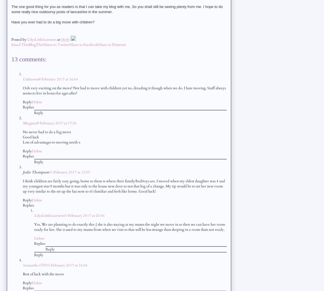 The width and height of the screenshot is (324, 291). Describe the element at coordinates (129, 226) in the screenshot. I see `'Yes, We are planning to do exactly this :) she is also staying at my mums the night we move in so then we can have her room ready for her. She is used to my mums from when we visit so that will be less strange than sleeping in a room thats not ready.'` at that location.